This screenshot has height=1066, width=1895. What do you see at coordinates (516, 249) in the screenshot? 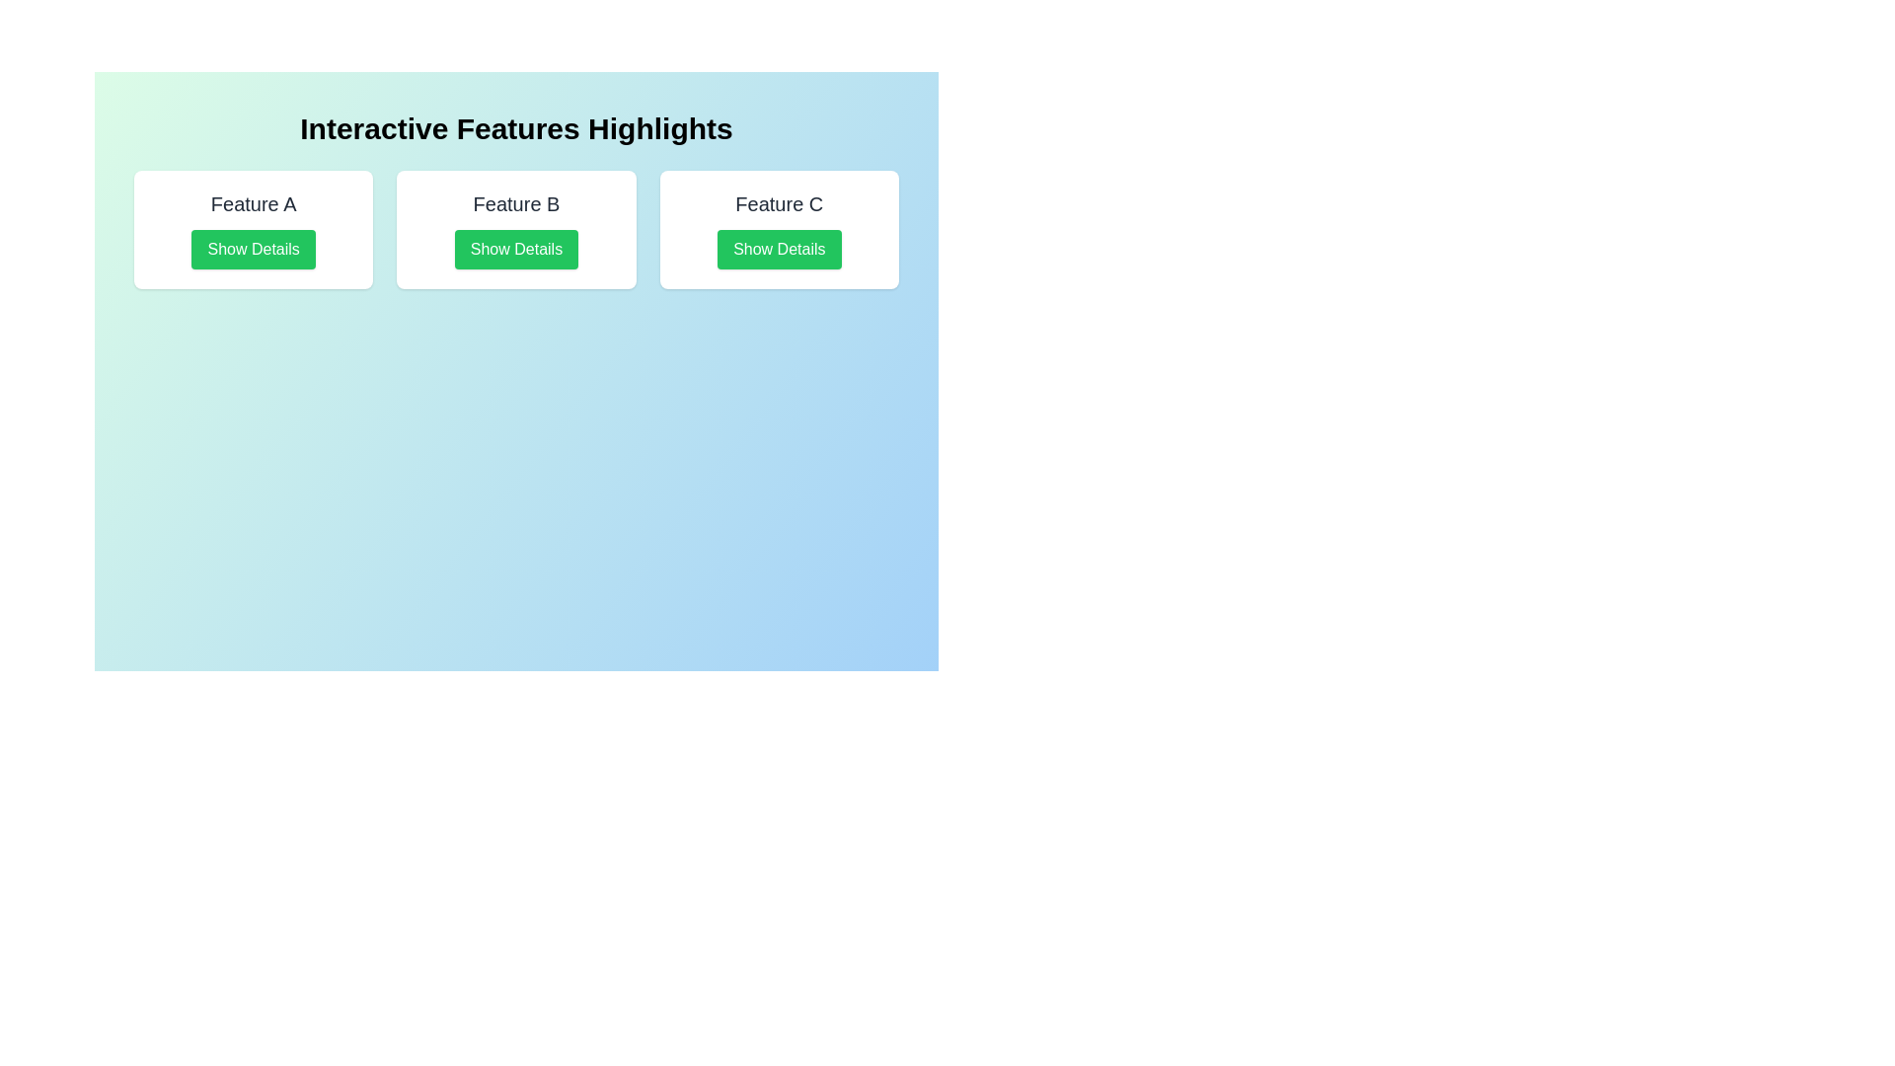
I see `the green button labeled 'Show Details' with white text located in the center of the card labeled 'Feature B'` at bounding box center [516, 249].